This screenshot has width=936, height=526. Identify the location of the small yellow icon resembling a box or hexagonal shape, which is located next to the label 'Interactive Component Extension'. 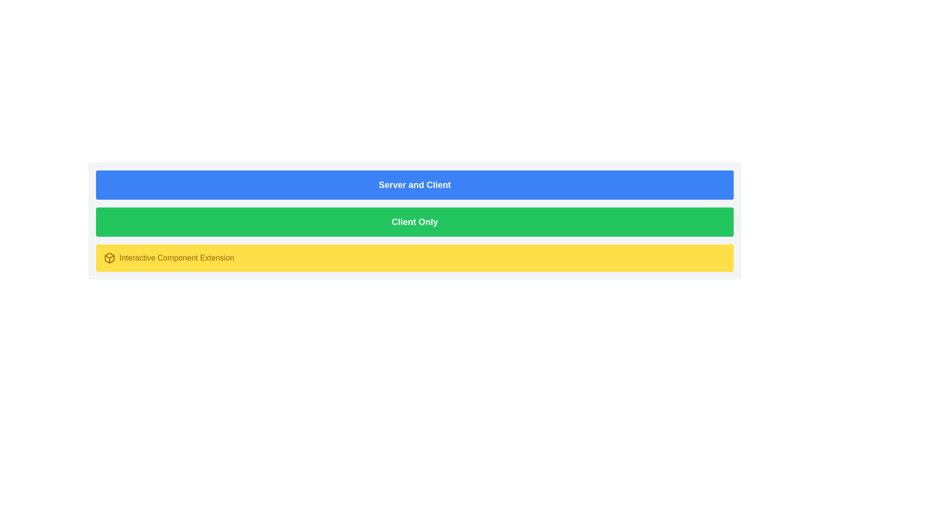
(110, 257).